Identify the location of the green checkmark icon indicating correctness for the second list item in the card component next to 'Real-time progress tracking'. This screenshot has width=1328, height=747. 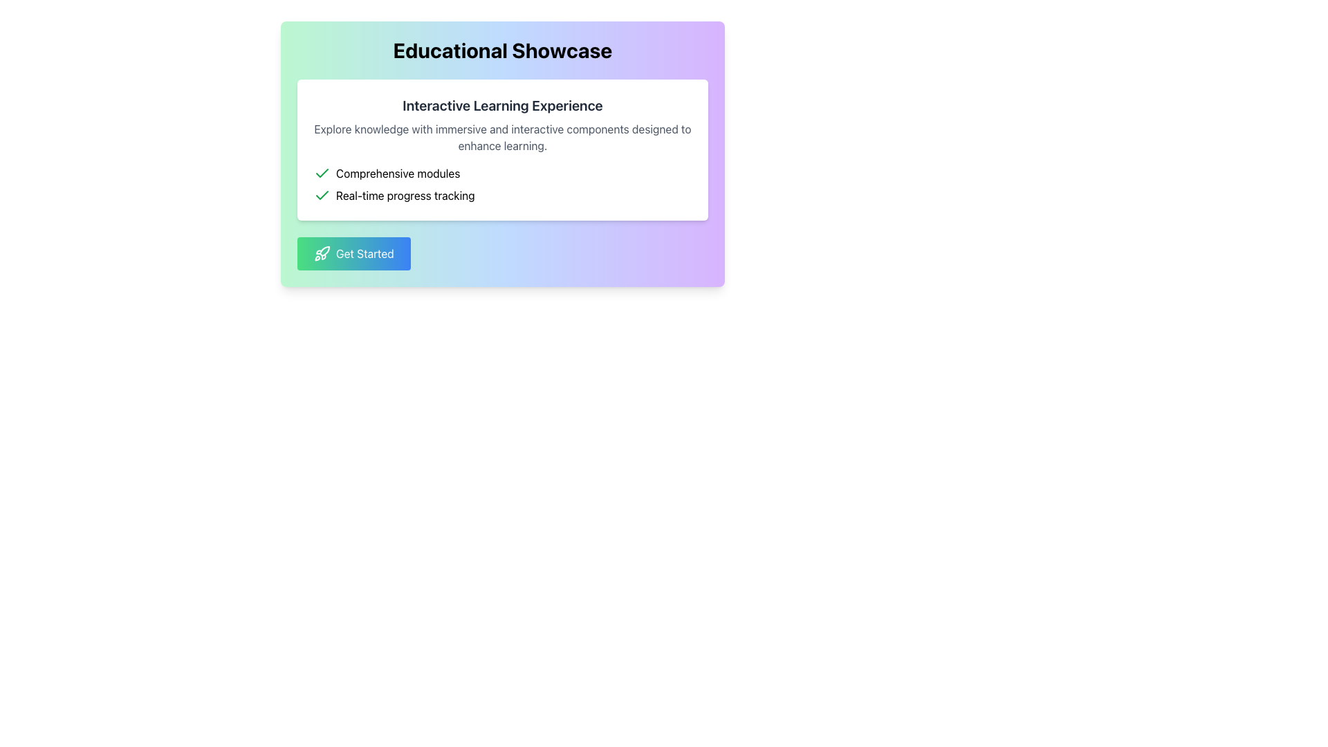
(321, 172).